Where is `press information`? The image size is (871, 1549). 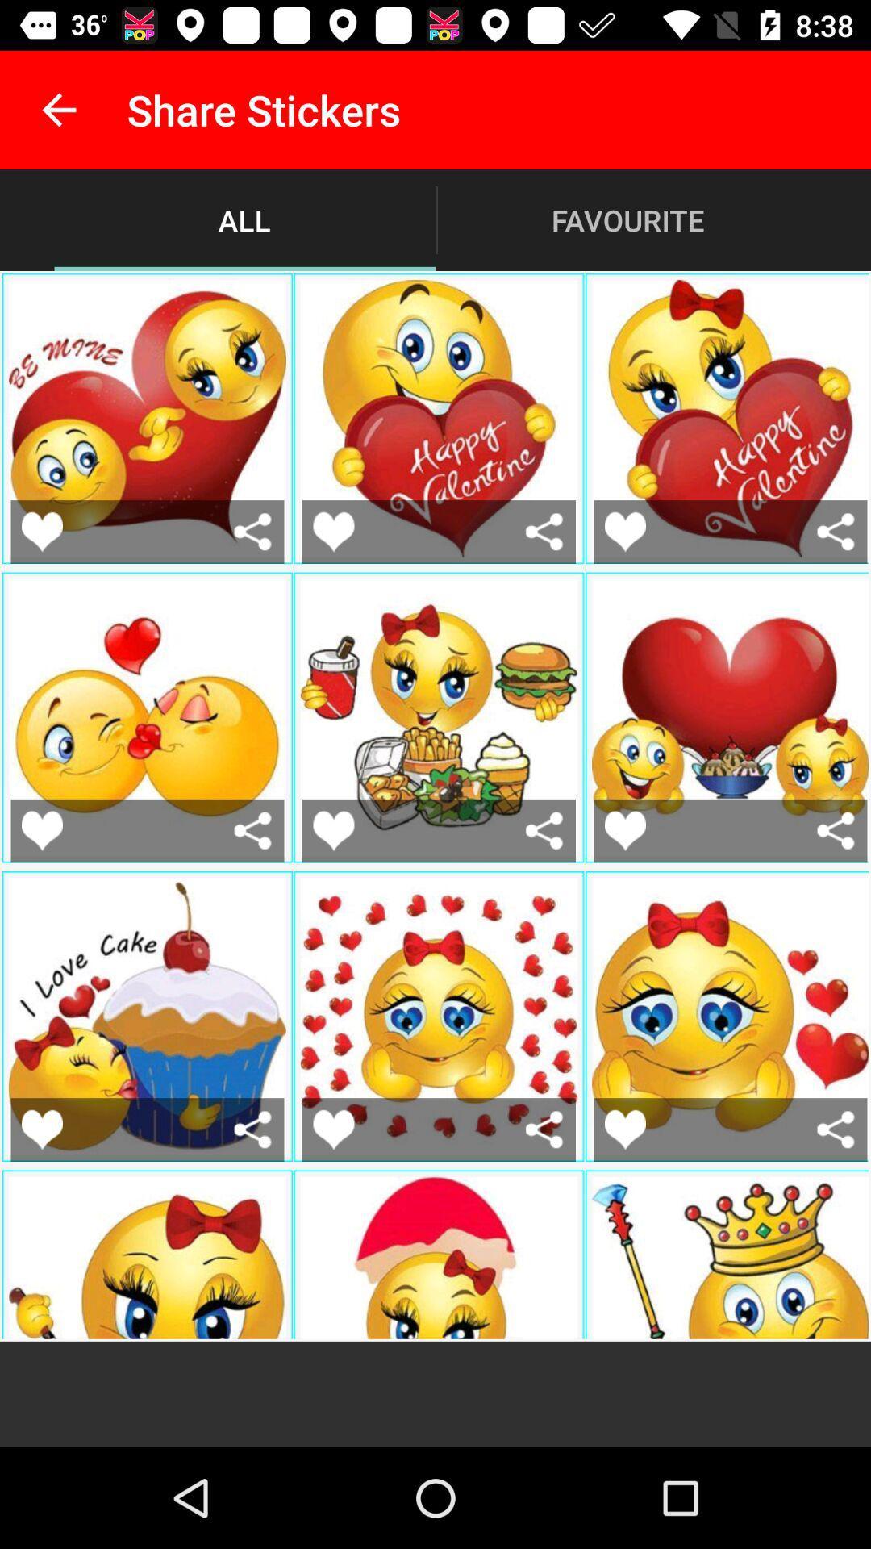
press information is located at coordinates (252, 830).